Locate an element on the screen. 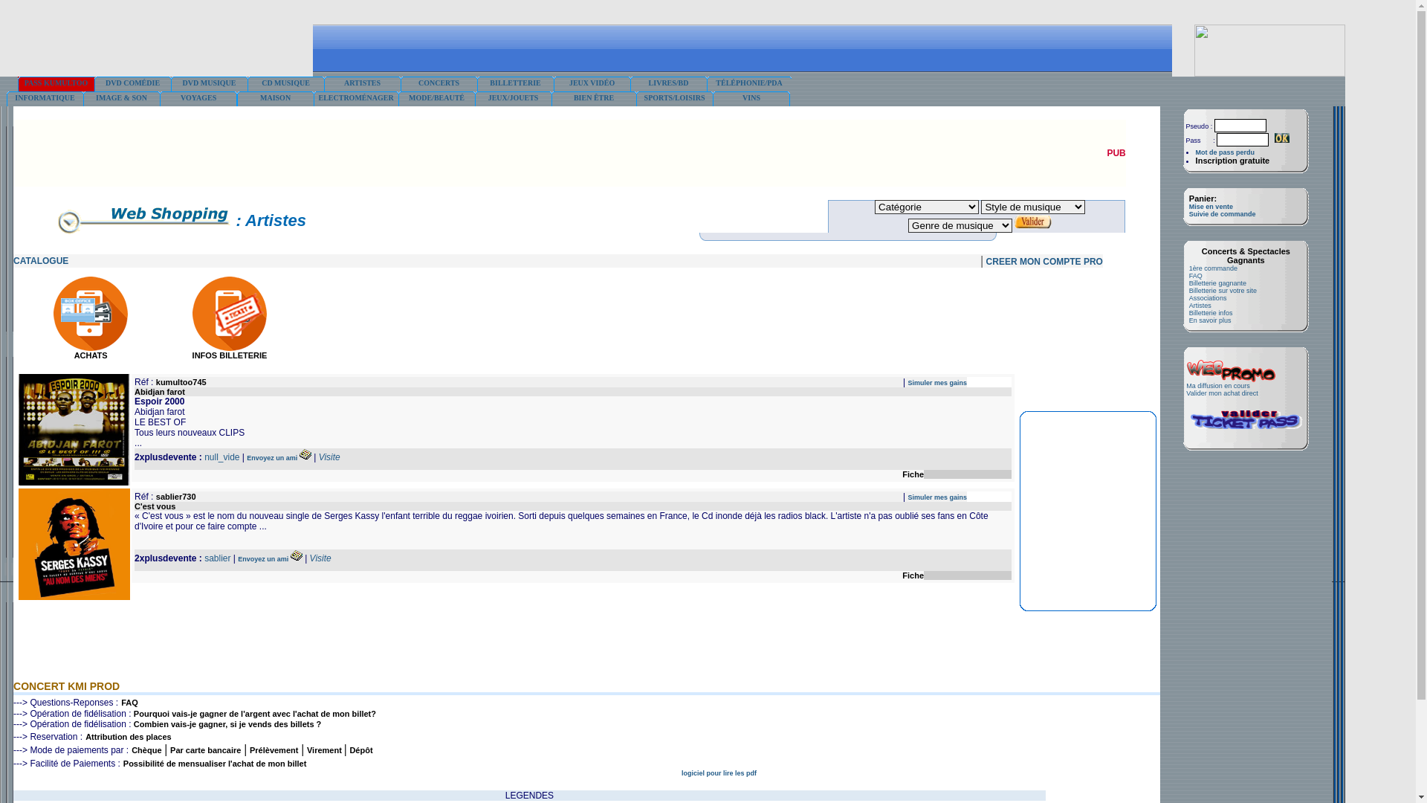 Image resolution: width=1427 pixels, height=803 pixels. 'Fiche' is located at coordinates (902, 575).